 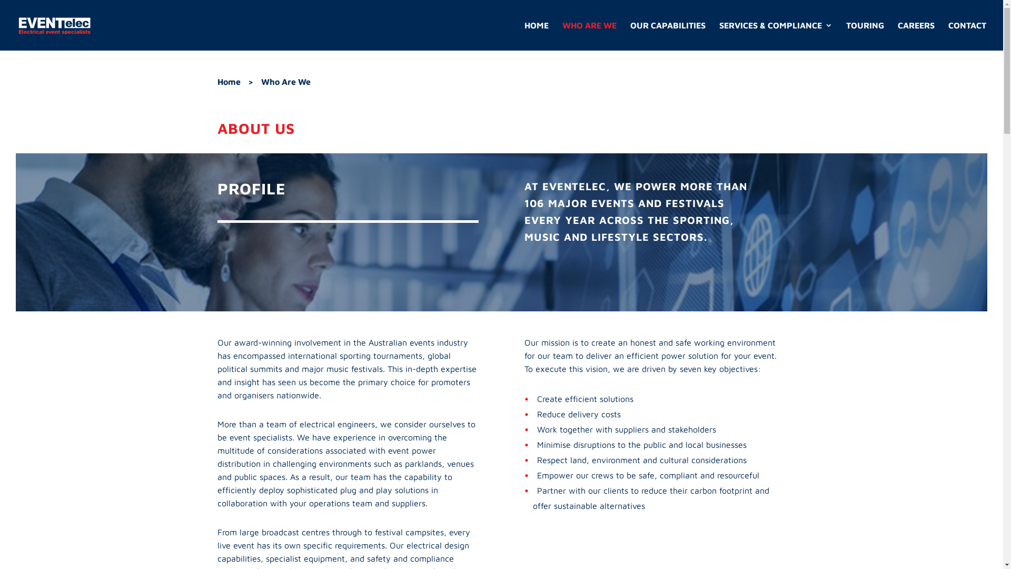 What do you see at coordinates (967, 35) in the screenshot?
I see `'CONTACT'` at bounding box center [967, 35].